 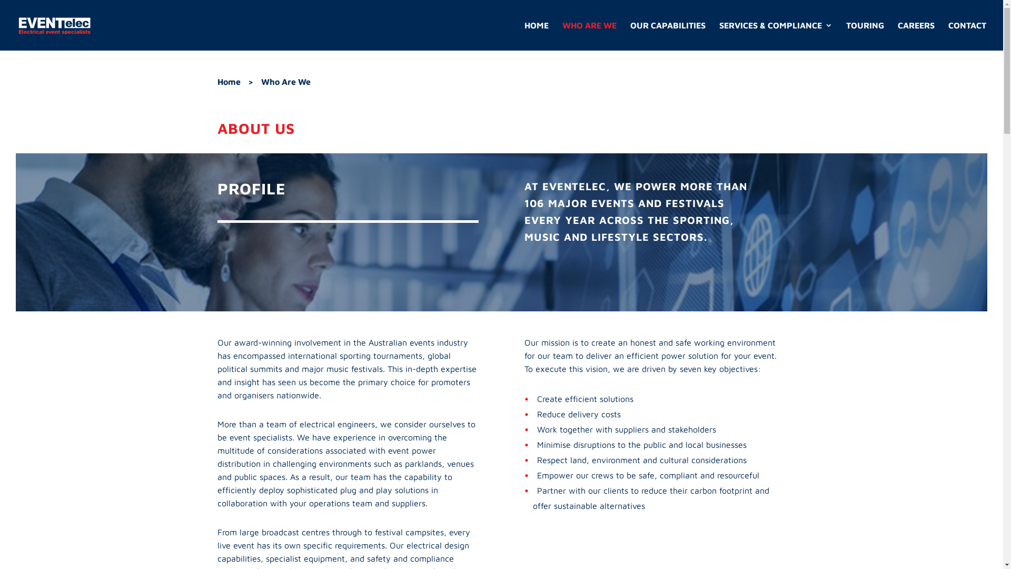 What do you see at coordinates (967, 35) in the screenshot?
I see `'CONTACT'` at bounding box center [967, 35].